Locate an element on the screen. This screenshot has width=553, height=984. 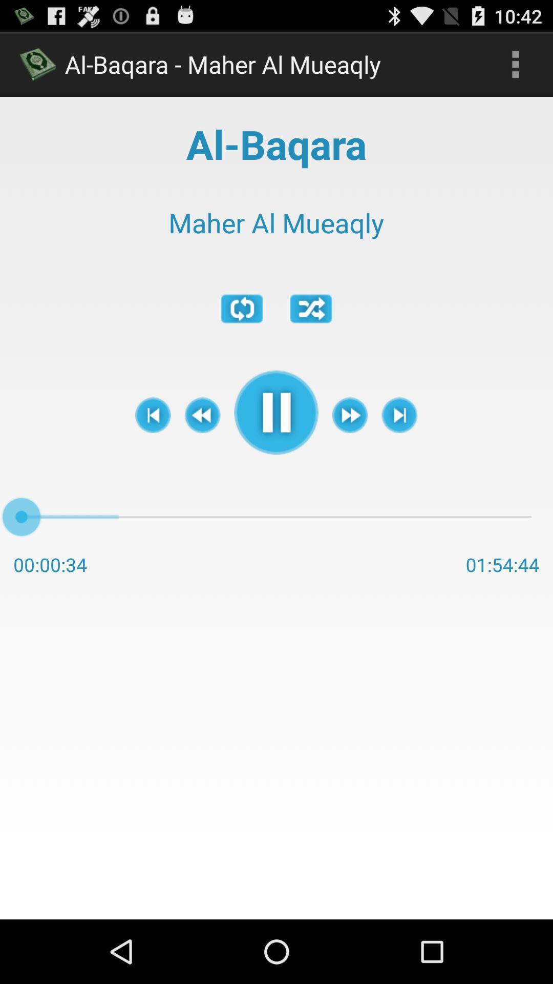
the repeat icon is located at coordinates (242, 330).